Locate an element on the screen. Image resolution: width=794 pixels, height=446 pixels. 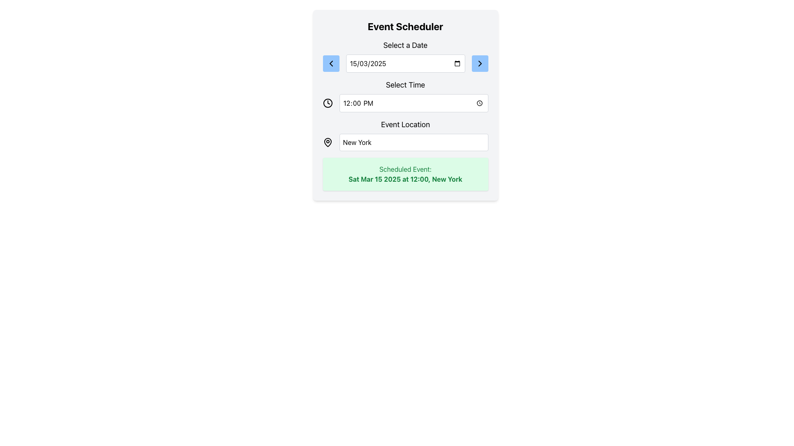
the decorative icon for the 'Event Location' section, which is positioned to the left of the text box displaying 'New York' is located at coordinates (327, 142).